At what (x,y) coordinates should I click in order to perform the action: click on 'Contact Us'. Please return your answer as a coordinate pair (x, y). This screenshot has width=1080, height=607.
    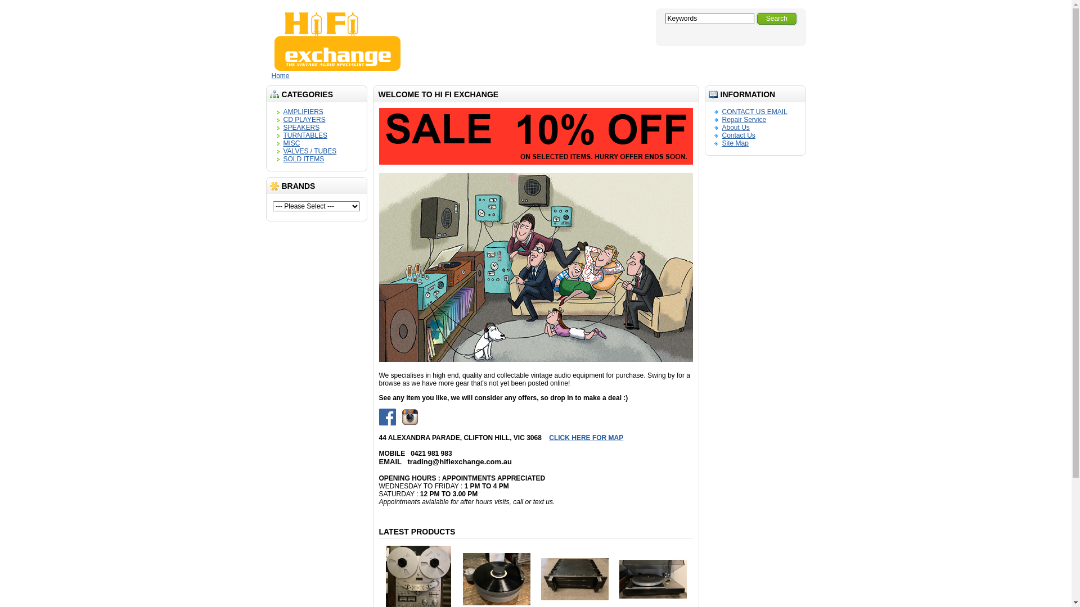
    Looking at the image, I should click on (739, 134).